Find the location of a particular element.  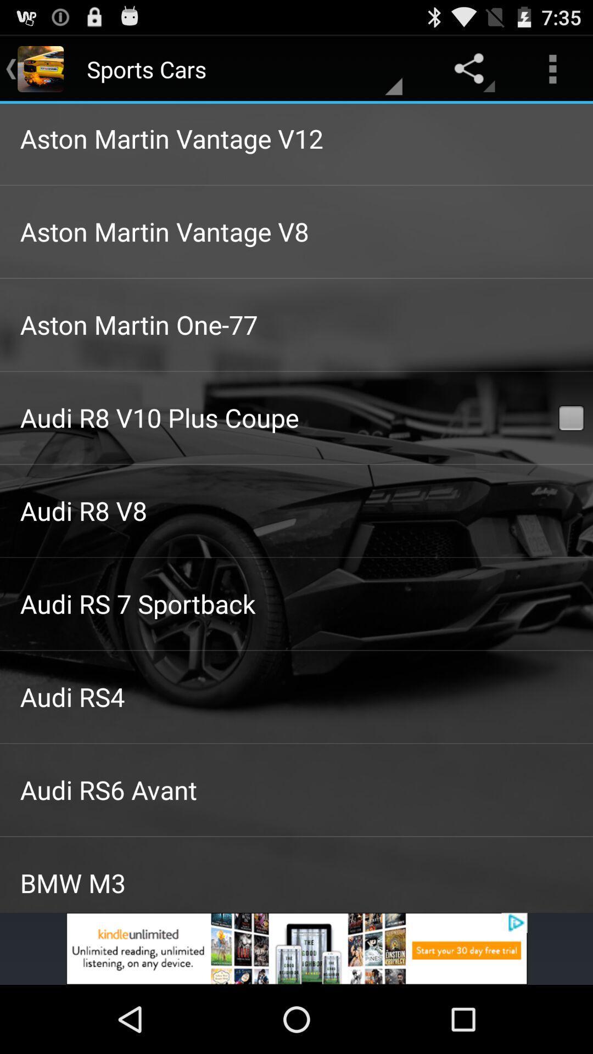

open advertisement is located at coordinates (296, 948).